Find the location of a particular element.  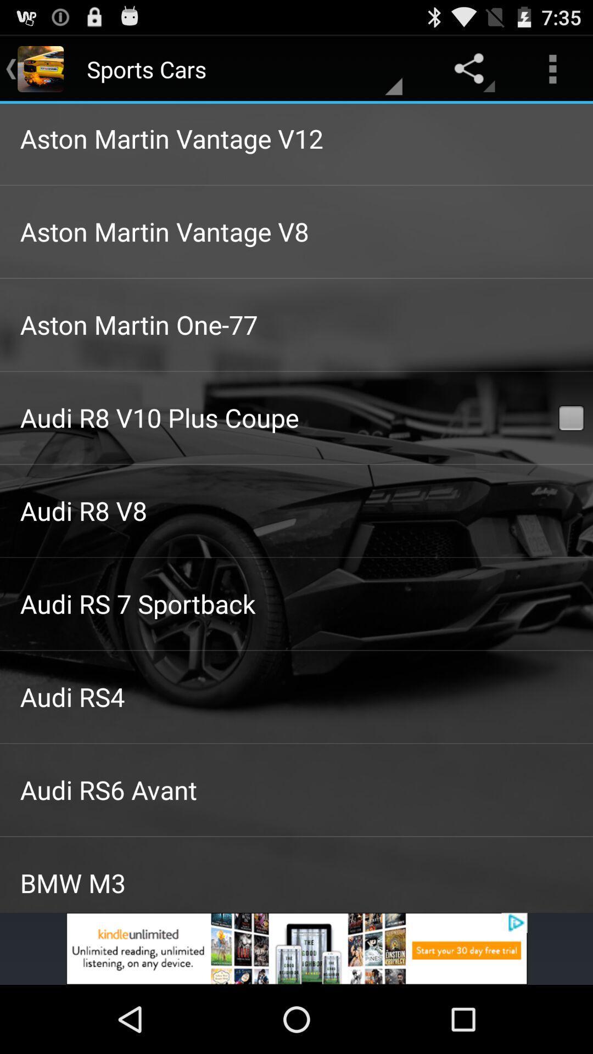

open advertisement is located at coordinates (296, 948).